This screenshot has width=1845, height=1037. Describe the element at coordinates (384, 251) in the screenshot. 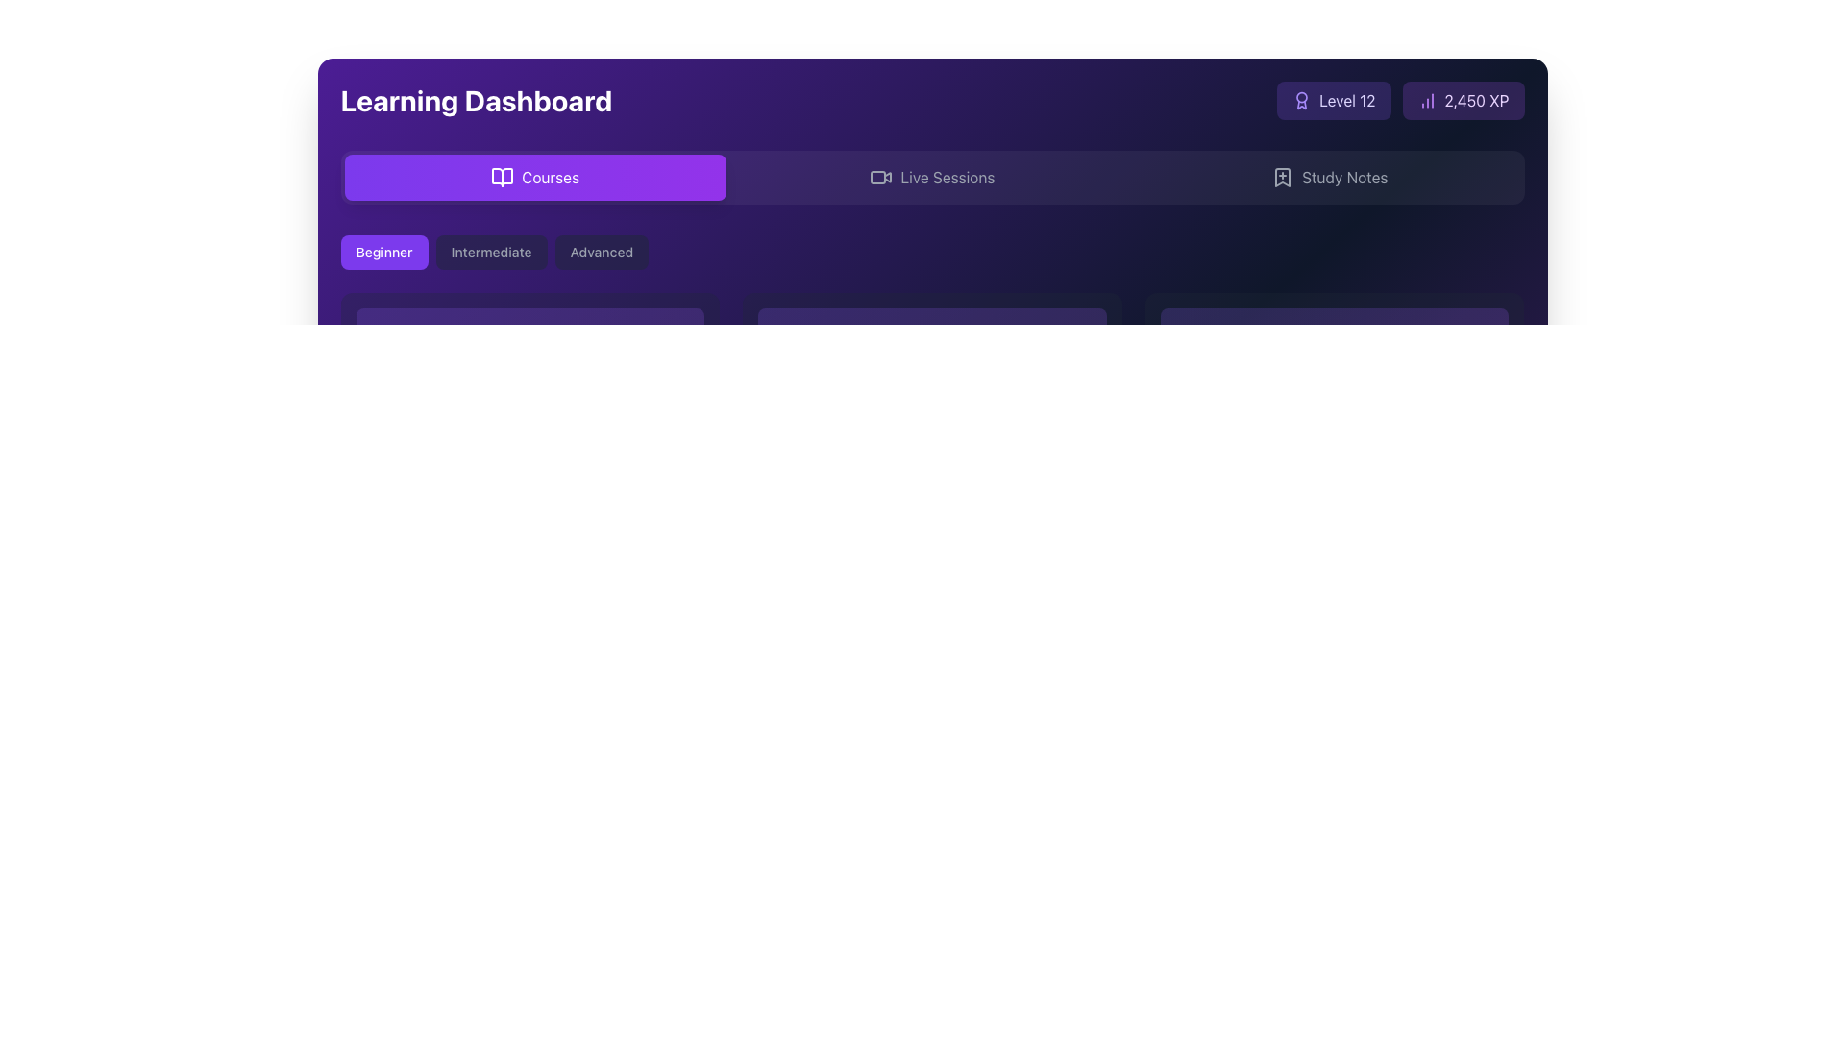

I see `the 'Beginner' button, which is the first button in a group of three with a violet background and white text` at that location.